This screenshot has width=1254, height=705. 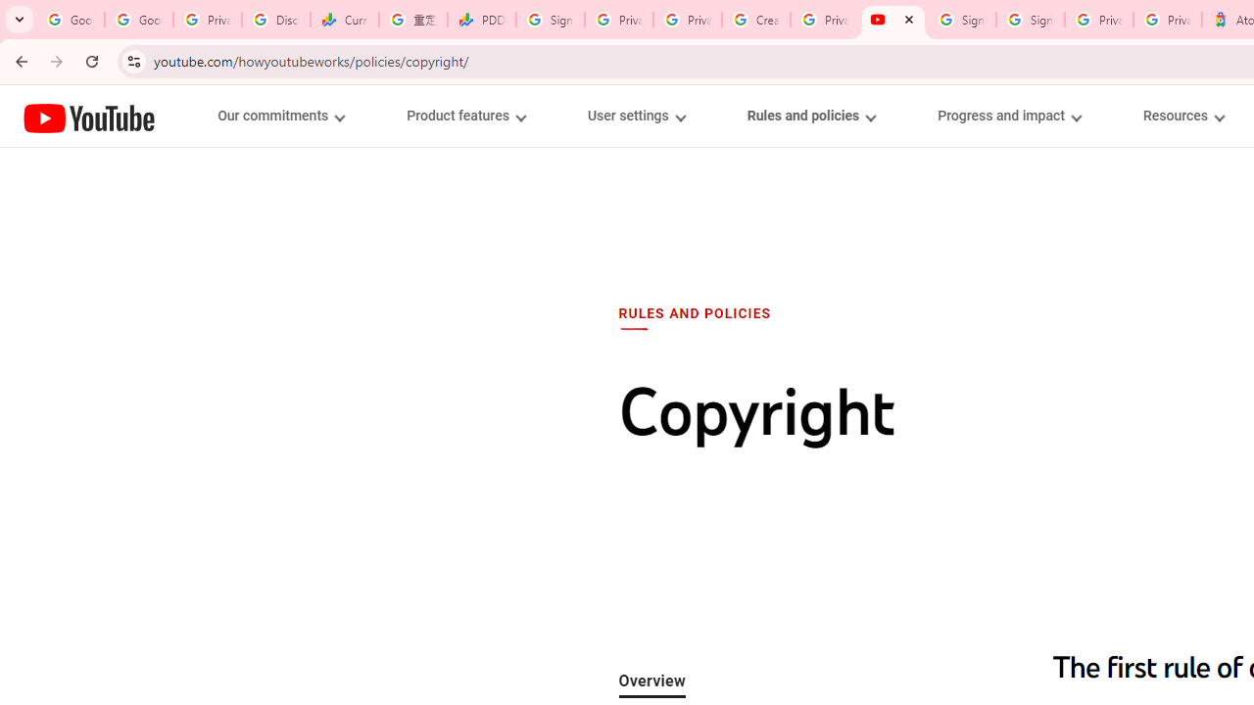 What do you see at coordinates (279, 116) in the screenshot?
I see `'Our commitments menupopup'` at bounding box center [279, 116].